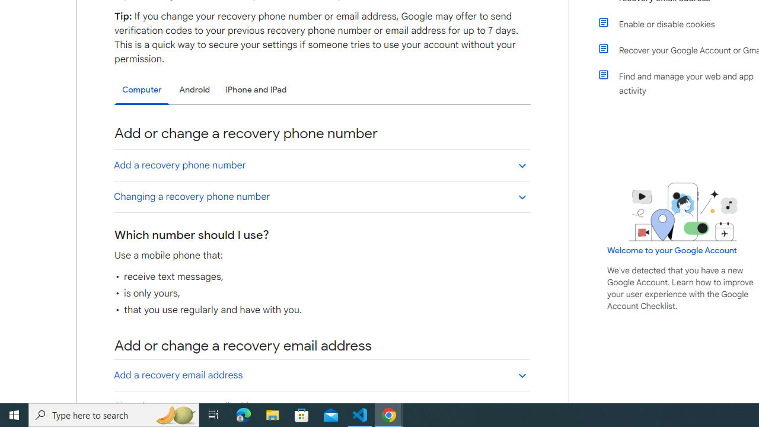  I want to click on 'Changing a recovery email address', so click(321, 406).